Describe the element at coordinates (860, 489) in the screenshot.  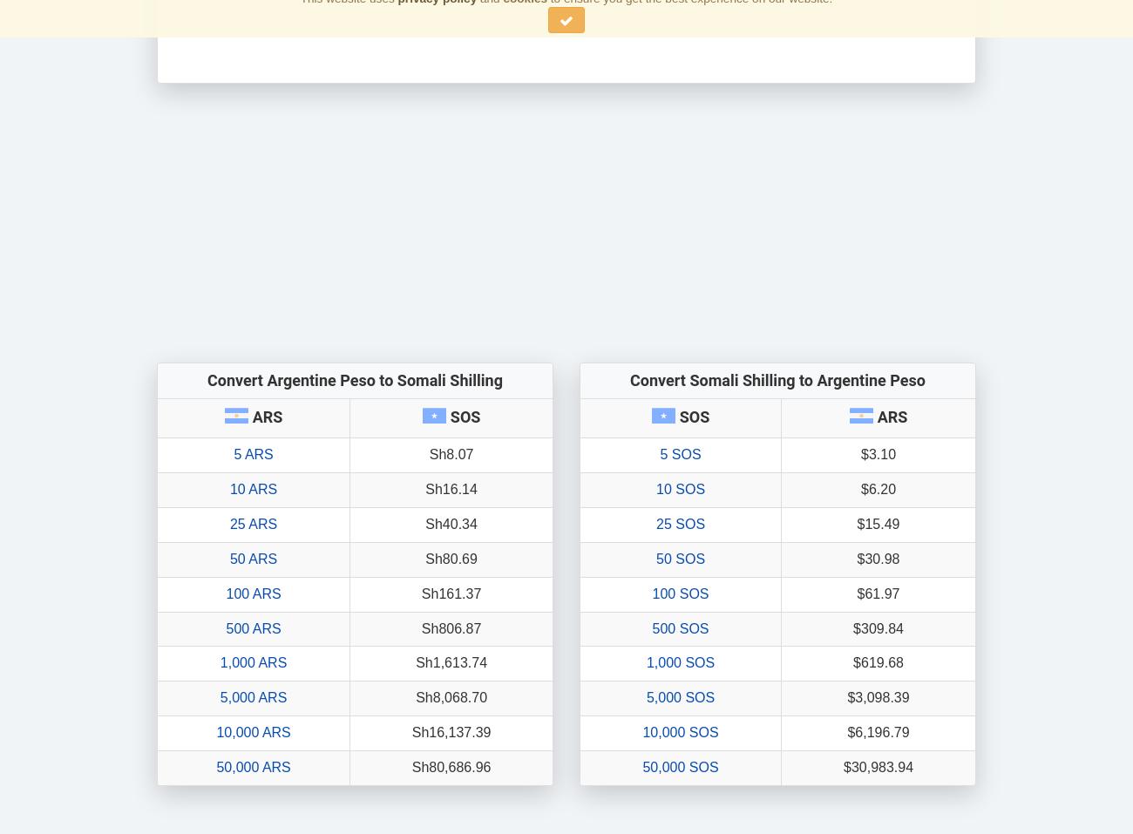
I see `'$6.20'` at that location.